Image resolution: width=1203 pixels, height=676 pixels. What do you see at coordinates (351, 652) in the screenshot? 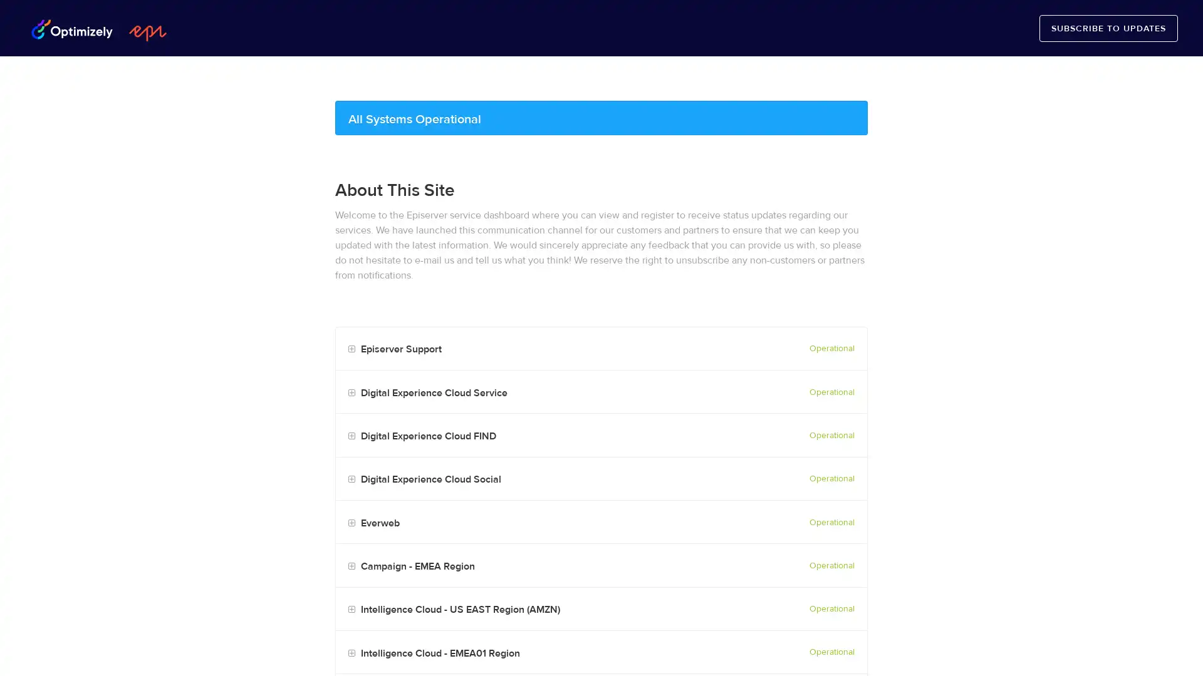
I see `Toggle Intelligence Cloud - EMEA01 Region` at bounding box center [351, 652].